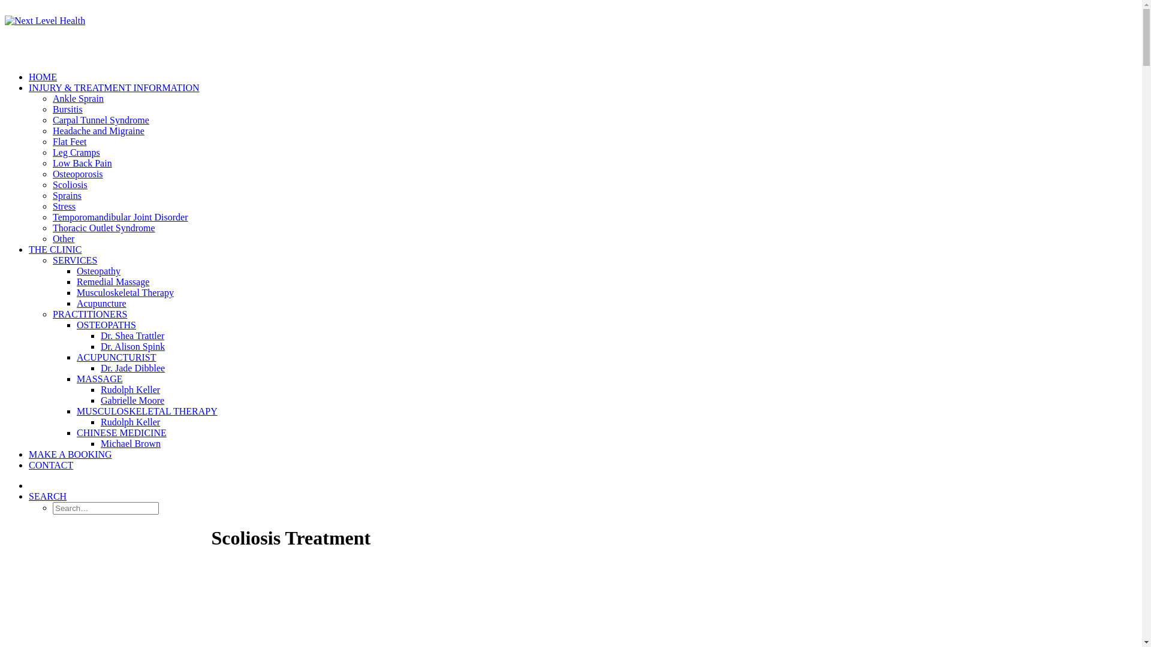 This screenshot has height=647, width=1151. Describe the element at coordinates (52, 313) in the screenshot. I see `'PRACTITIONERS'` at that location.